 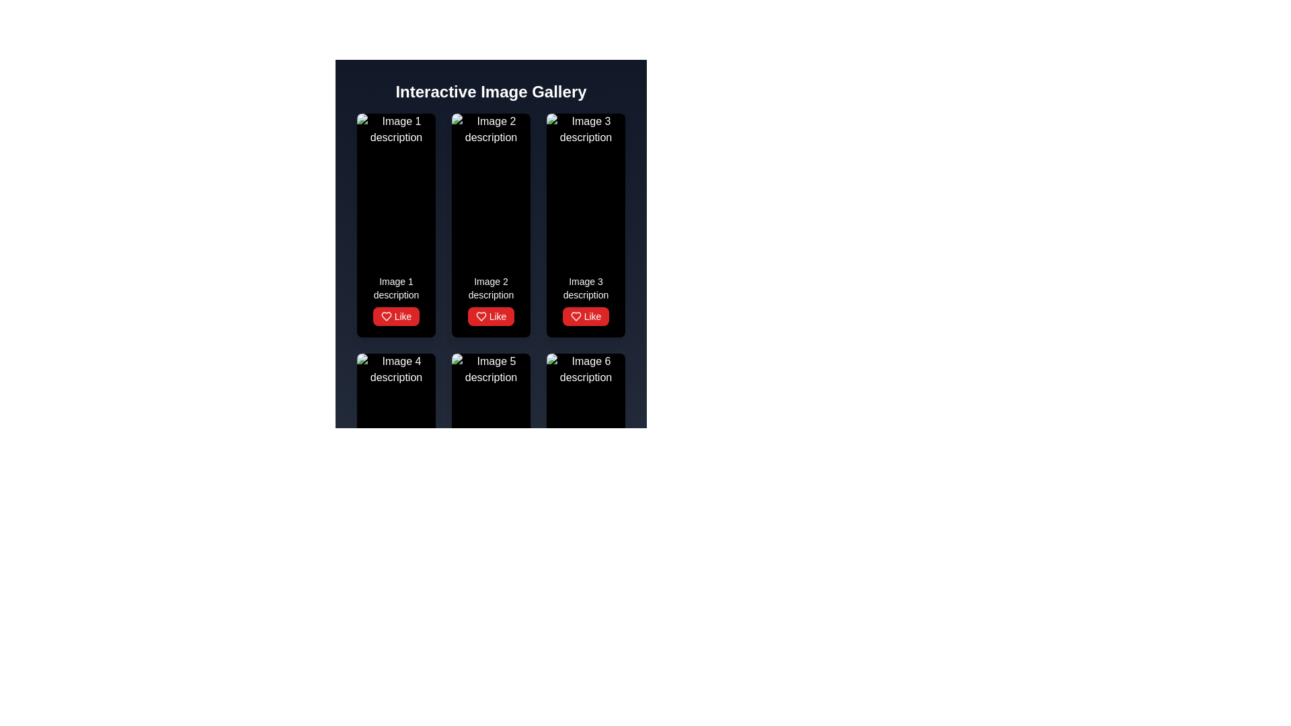 What do you see at coordinates (481, 316) in the screenshot?
I see `the smaller heart icon outlined in white on a red background, located within the 'Like' button at the bottom of the second column of the image gallery grid` at bounding box center [481, 316].